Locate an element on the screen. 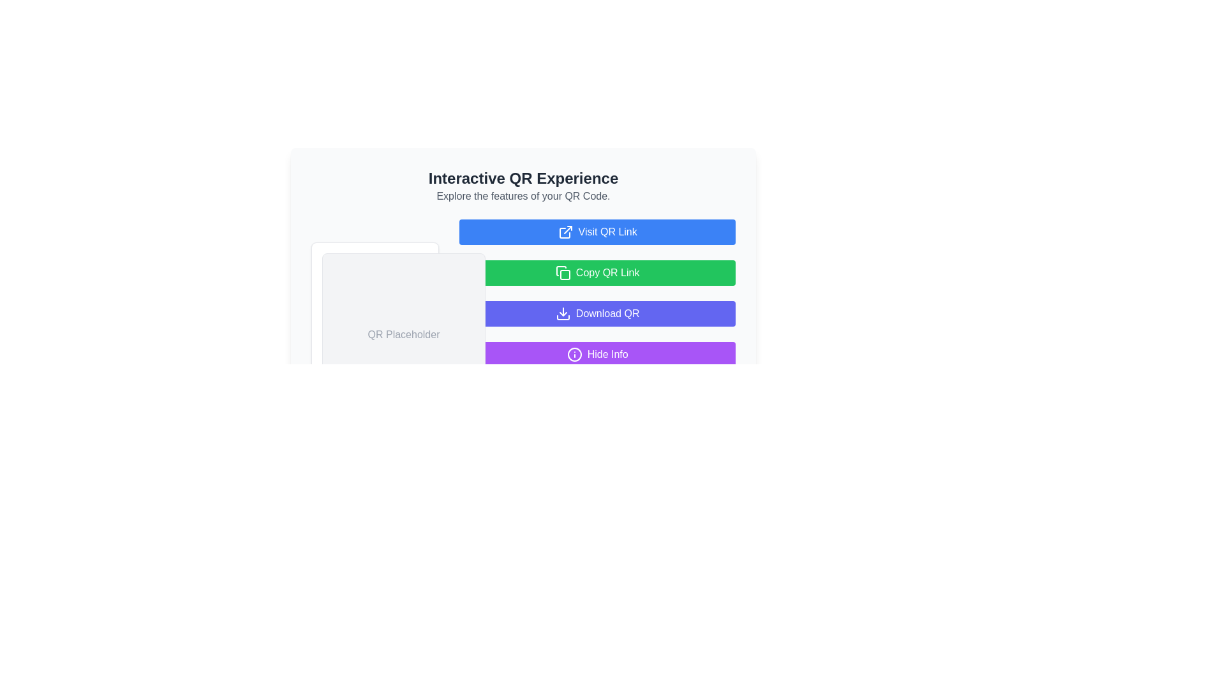 The image size is (1225, 689). the SVG Circle that serves as a visual part of the information icon located near the 'Hide Info' button in the bottom right of the interface is located at coordinates (574, 354).